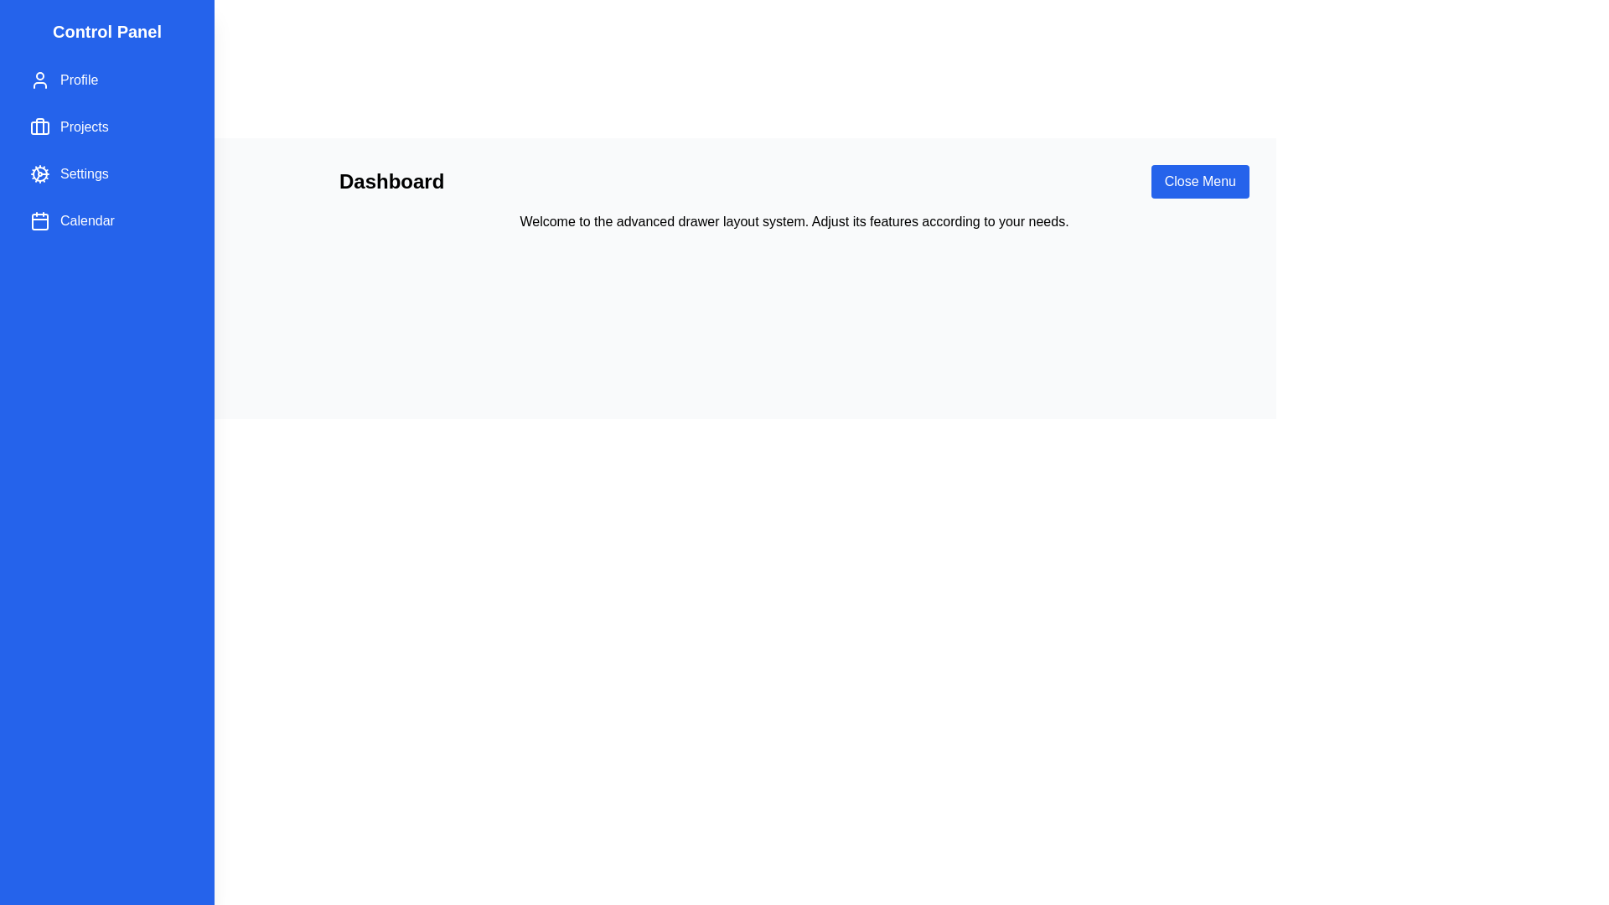  Describe the element at coordinates (40, 174) in the screenshot. I see `the 'Settings' icon located on the left-hand side navigation bar, adjacent to the 'Settings' text label` at that location.